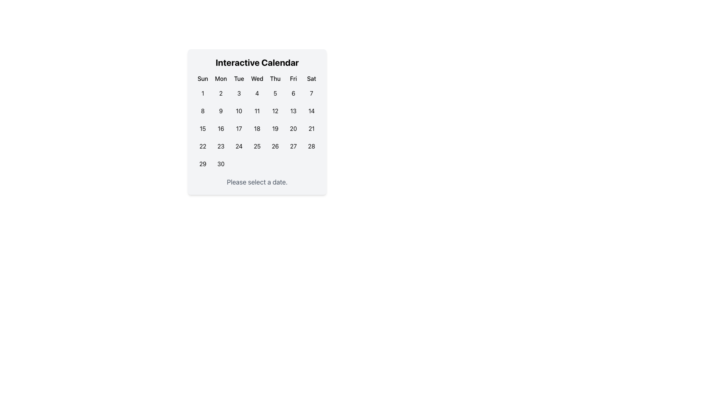 This screenshot has width=706, height=397. What do you see at coordinates (311, 146) in the screenshot?
I see `the calendar date button displaying the number '28'` at bounding box center [311, 146].